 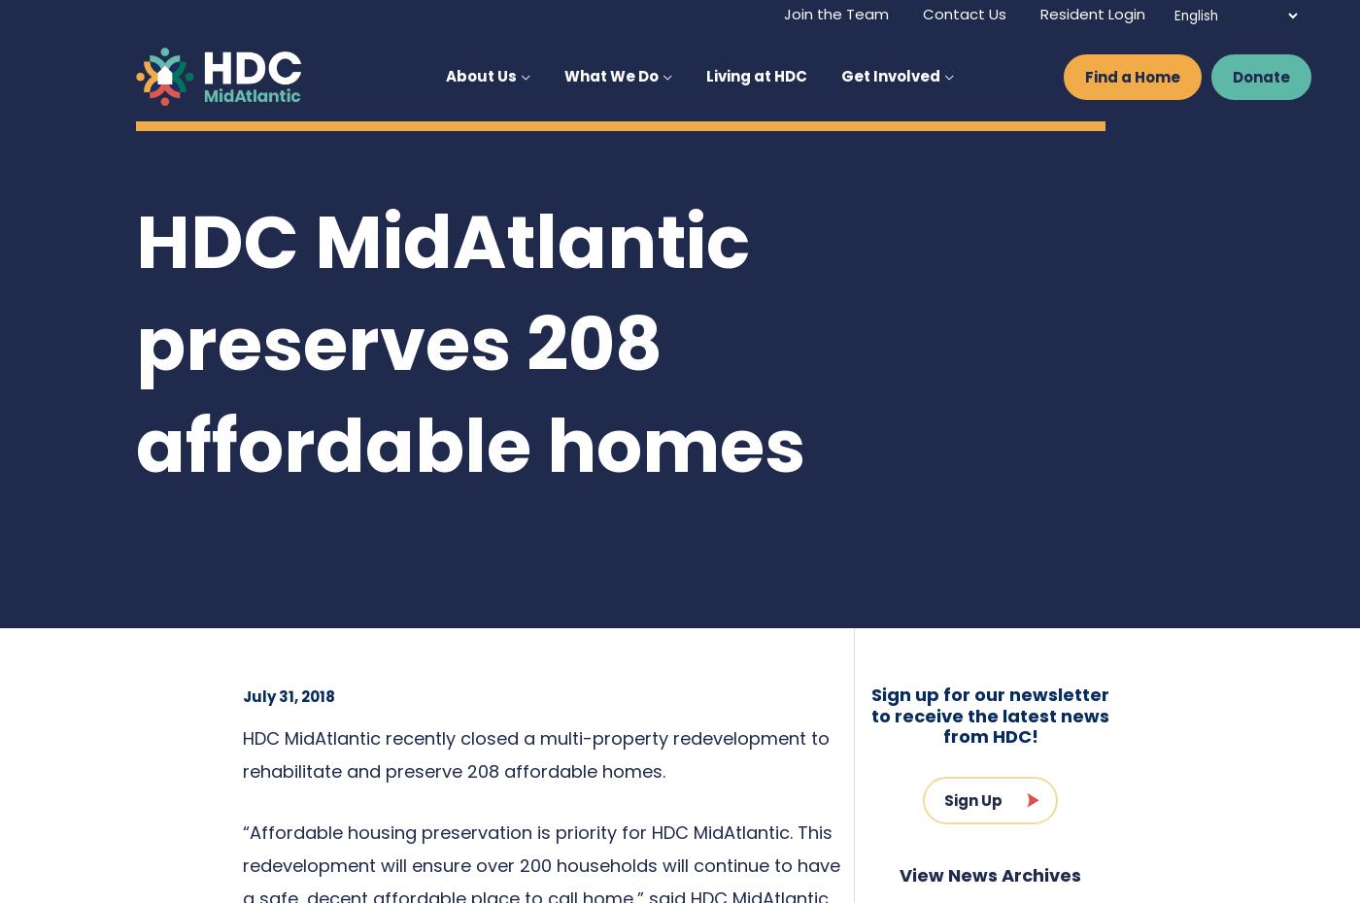 I want to click on 'Sign Up', so click(x=972, y=798).